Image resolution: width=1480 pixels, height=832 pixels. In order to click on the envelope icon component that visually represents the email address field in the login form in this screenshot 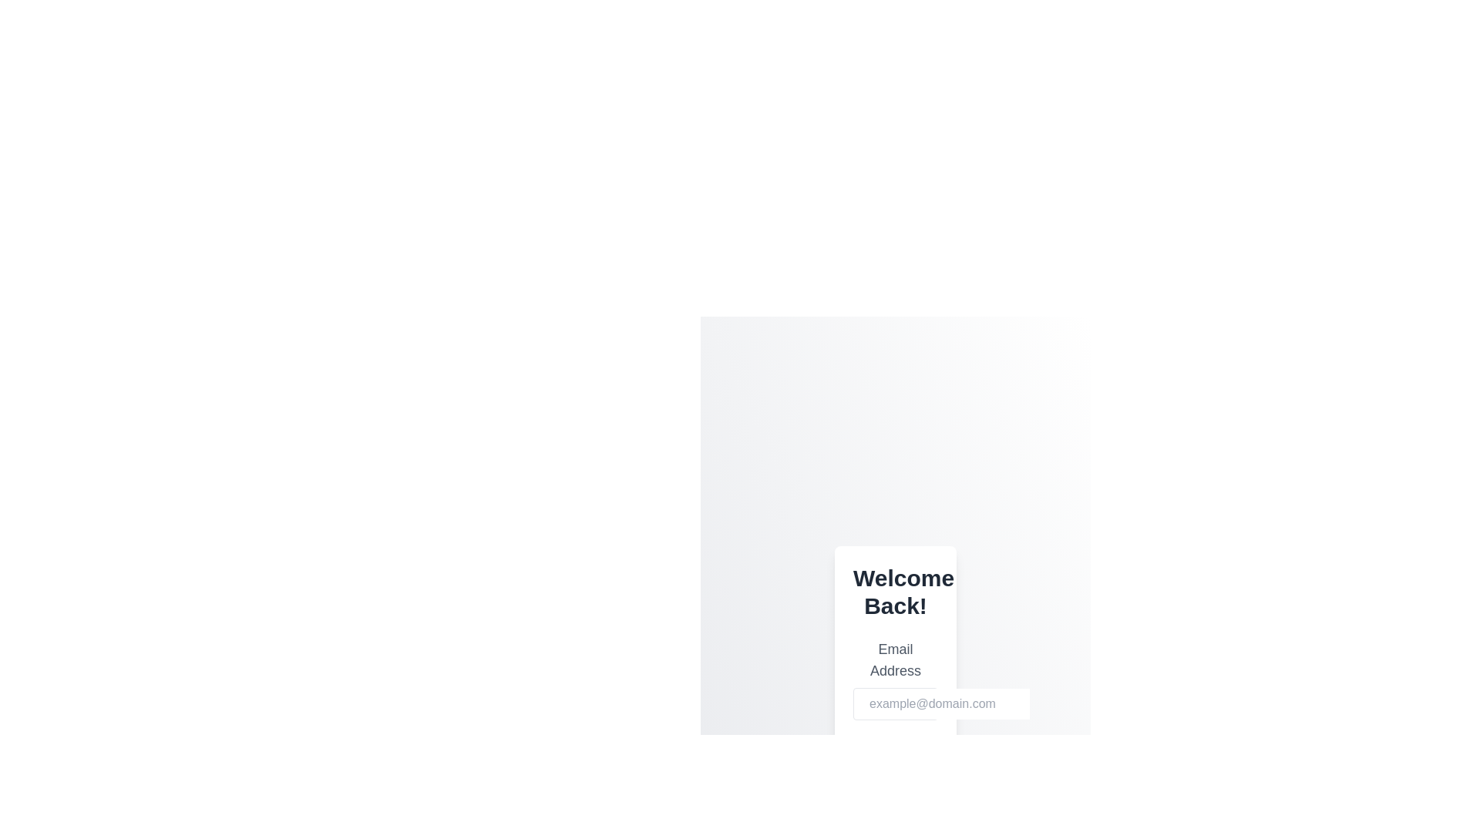, I will do `click(873, 705)`.